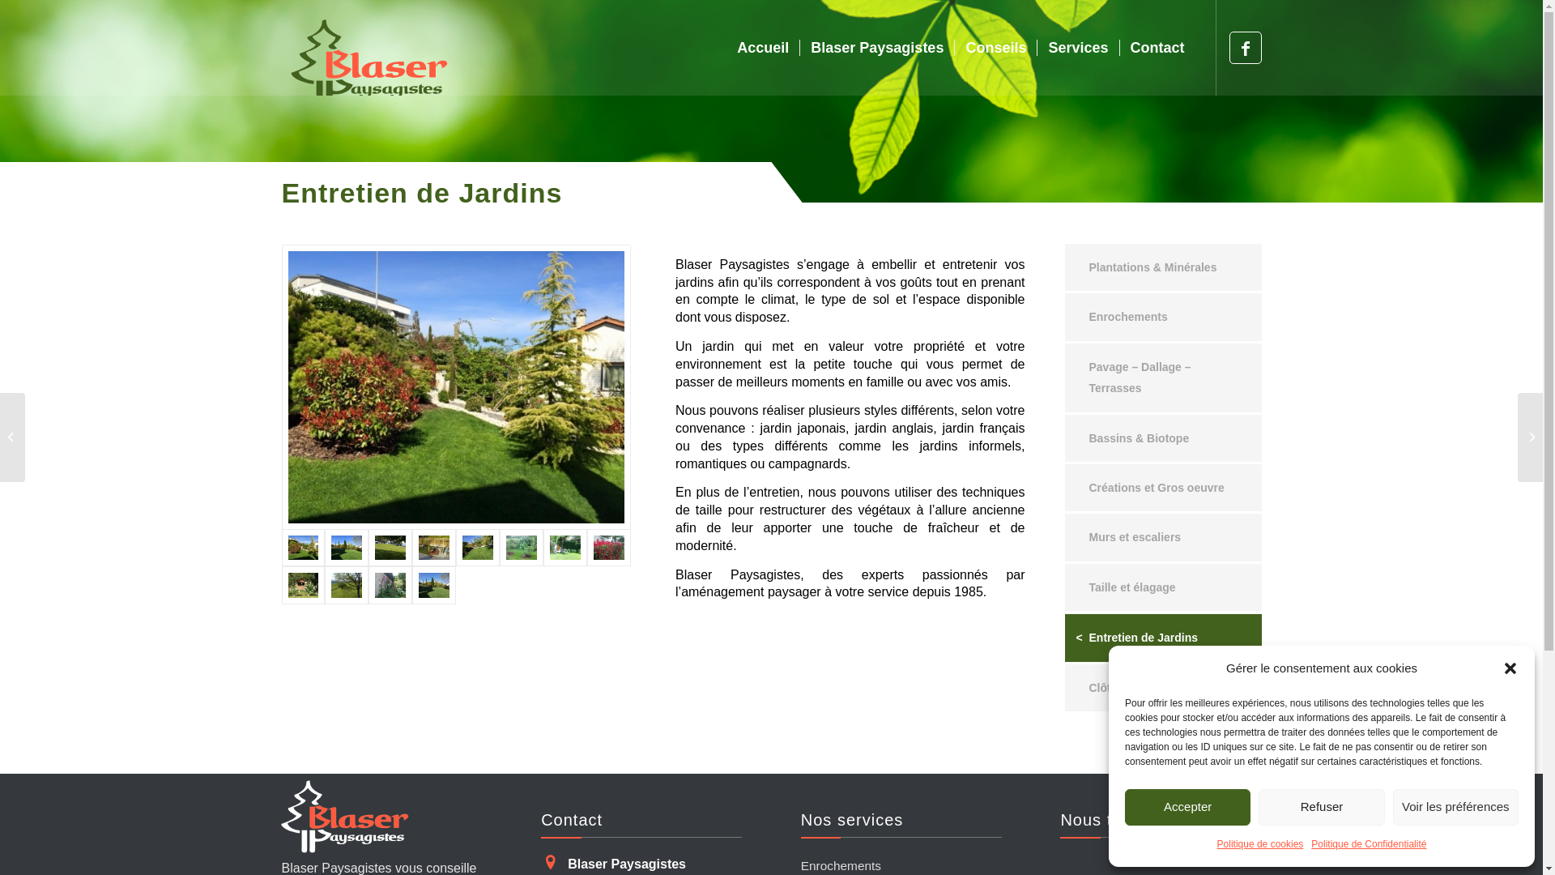 The image size is (1555, 875). Describe the element at coordinates (1077, 46) in the screenshot. I see `'Services'` at that location.